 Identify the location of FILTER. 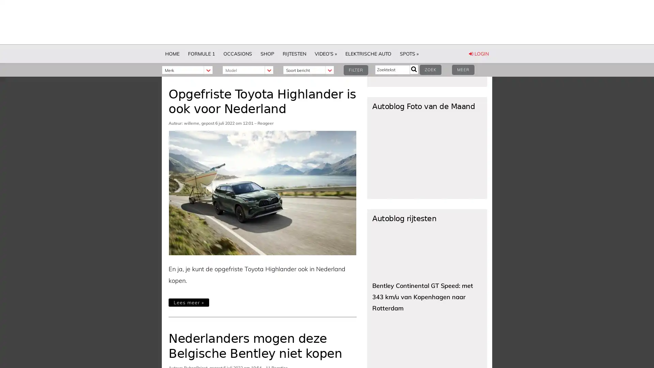
(356, 70).